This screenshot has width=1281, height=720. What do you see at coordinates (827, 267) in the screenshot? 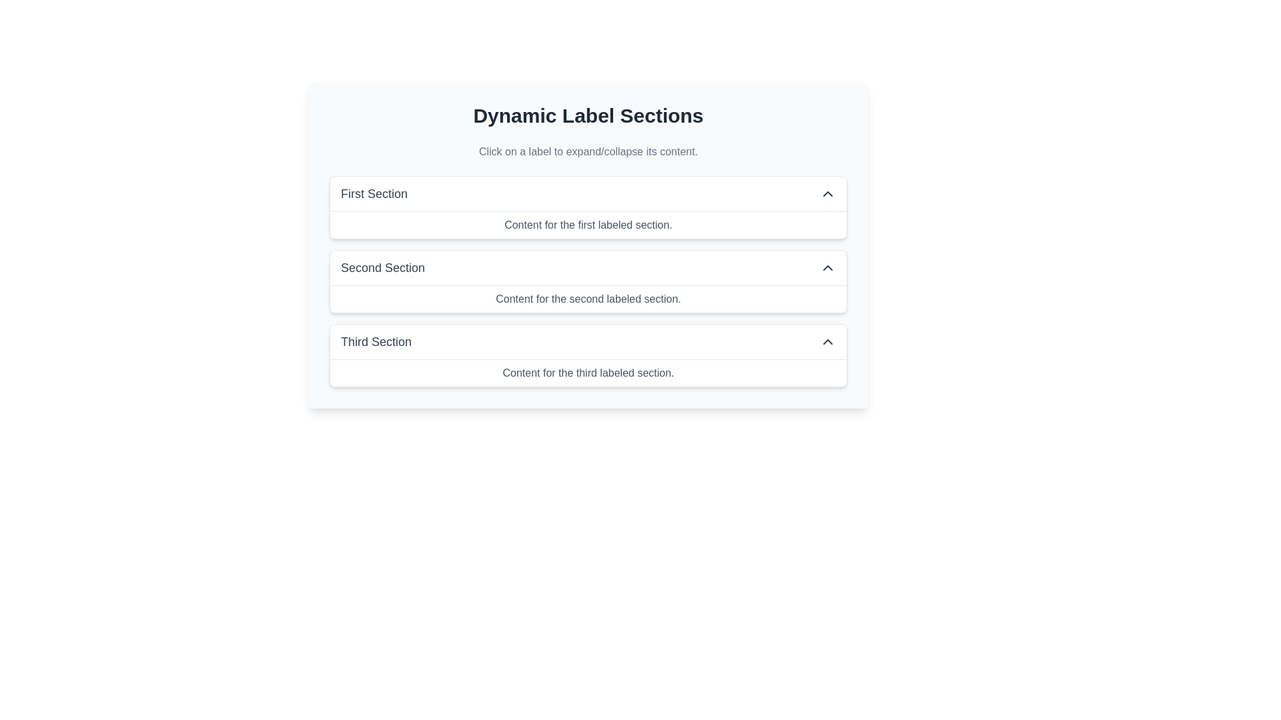
I see `the chevron button located at the far right of the header section labeled 'Second Section'` at bounding box center [827, 267].